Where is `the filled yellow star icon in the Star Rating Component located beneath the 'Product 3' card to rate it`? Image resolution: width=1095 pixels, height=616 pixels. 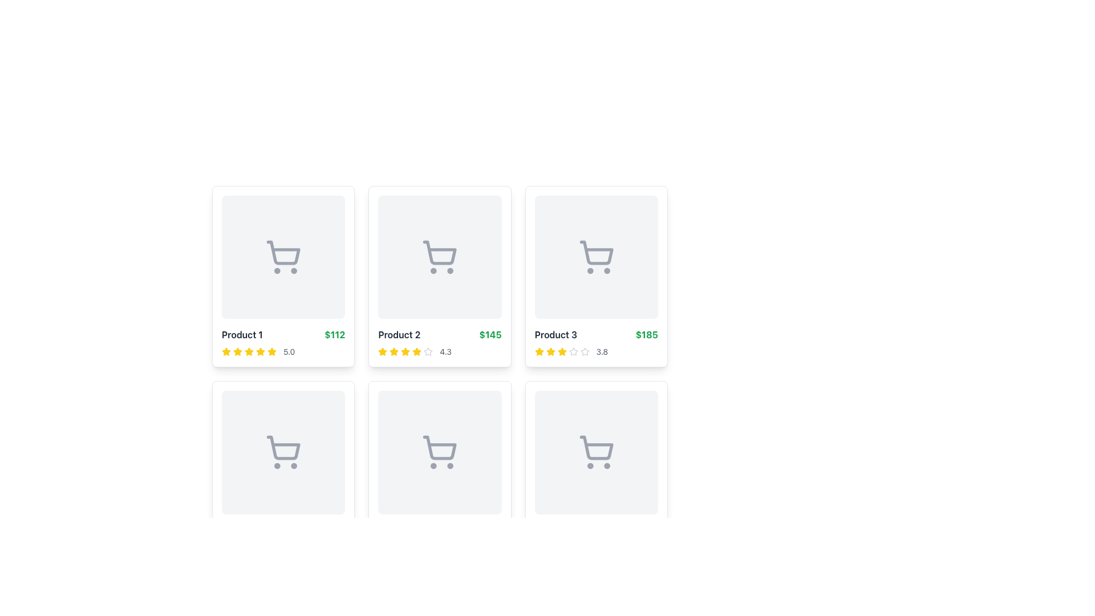 the filled yellow star icon in the Star Rating Component located beneath the 'Product 3' card to rate it is located at coordinates (550, 351).